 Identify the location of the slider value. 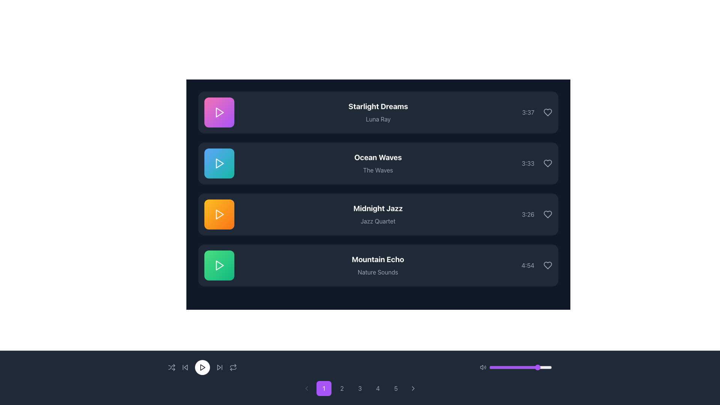
(528, 367).